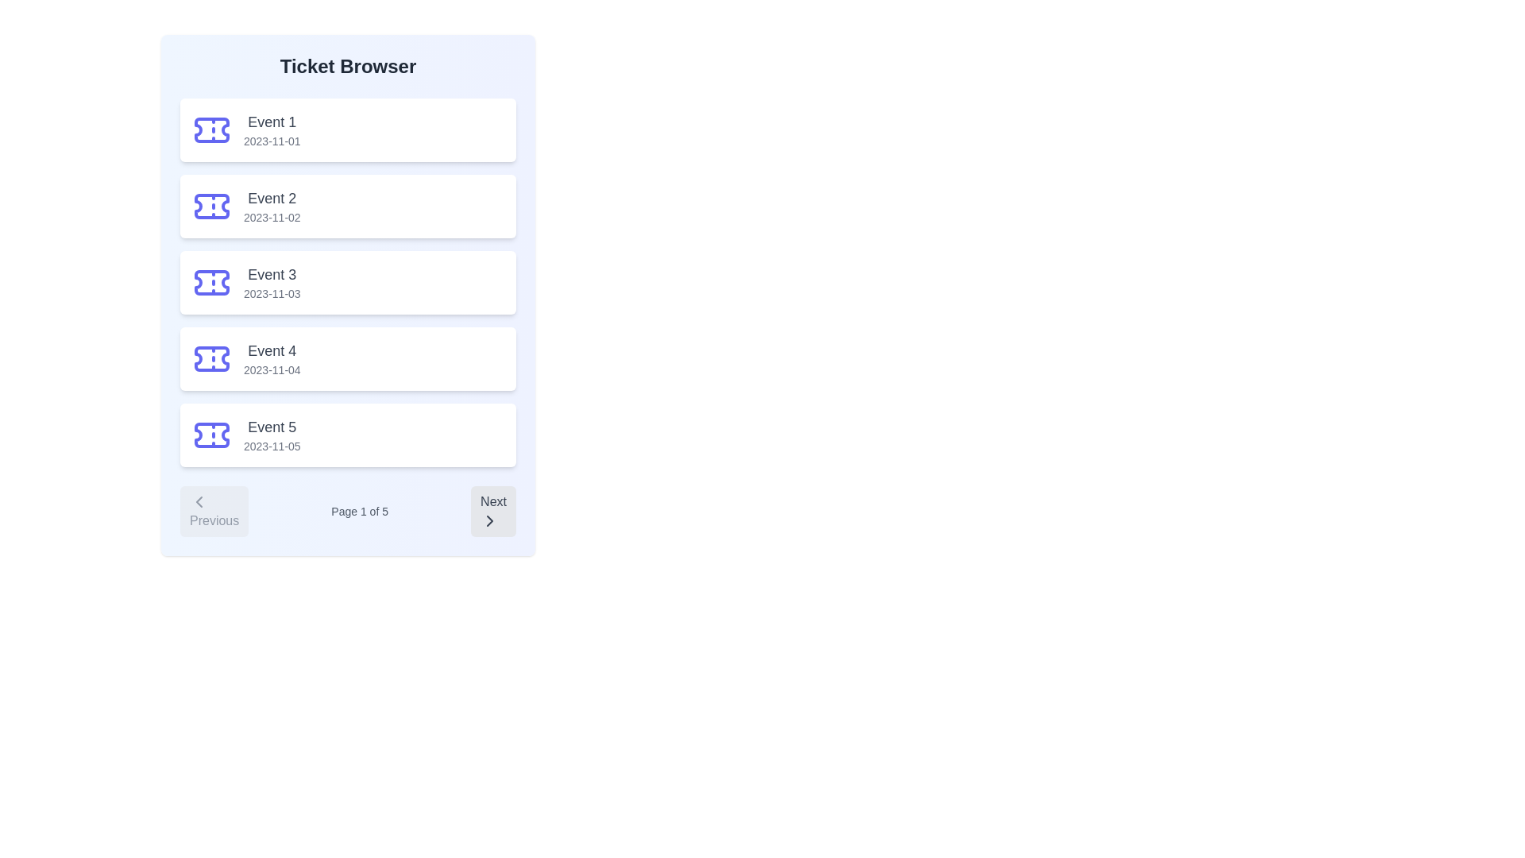 The height and width of the screenshot is (858, 1525). I want to click on the chevron icon located within the left-side button labeled 'Previous' in the pagination control section at the bottom of the pane, so click(198, 502).